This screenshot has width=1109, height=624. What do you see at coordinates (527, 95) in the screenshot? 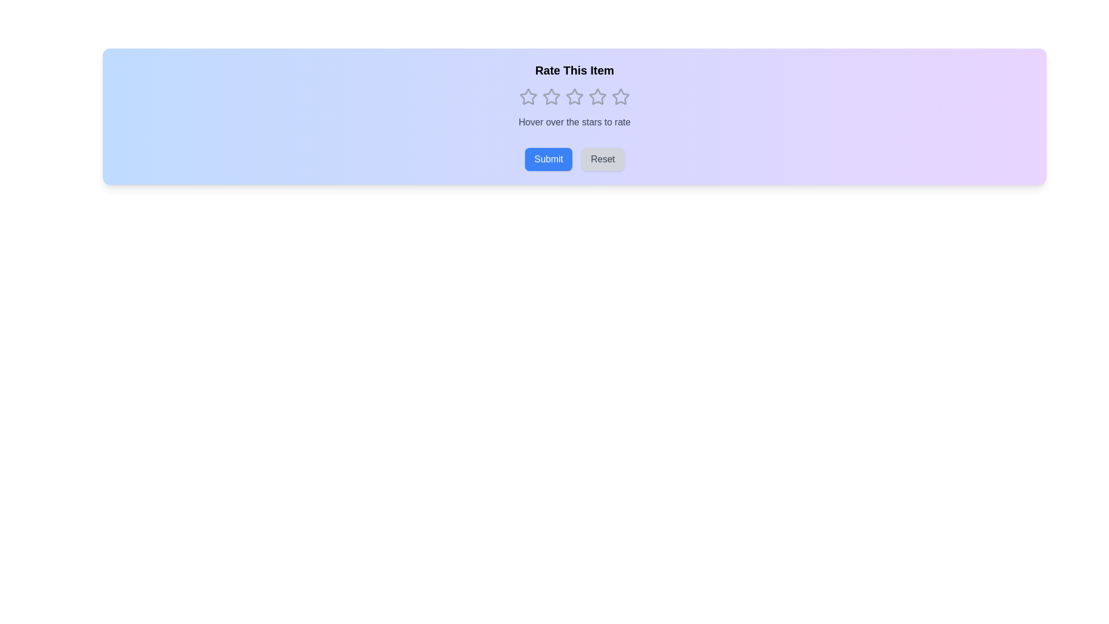
I see `the first outlined star icon in the rating system, located beneath the 'Rate This Item' title` at bounding box center [527, 95].